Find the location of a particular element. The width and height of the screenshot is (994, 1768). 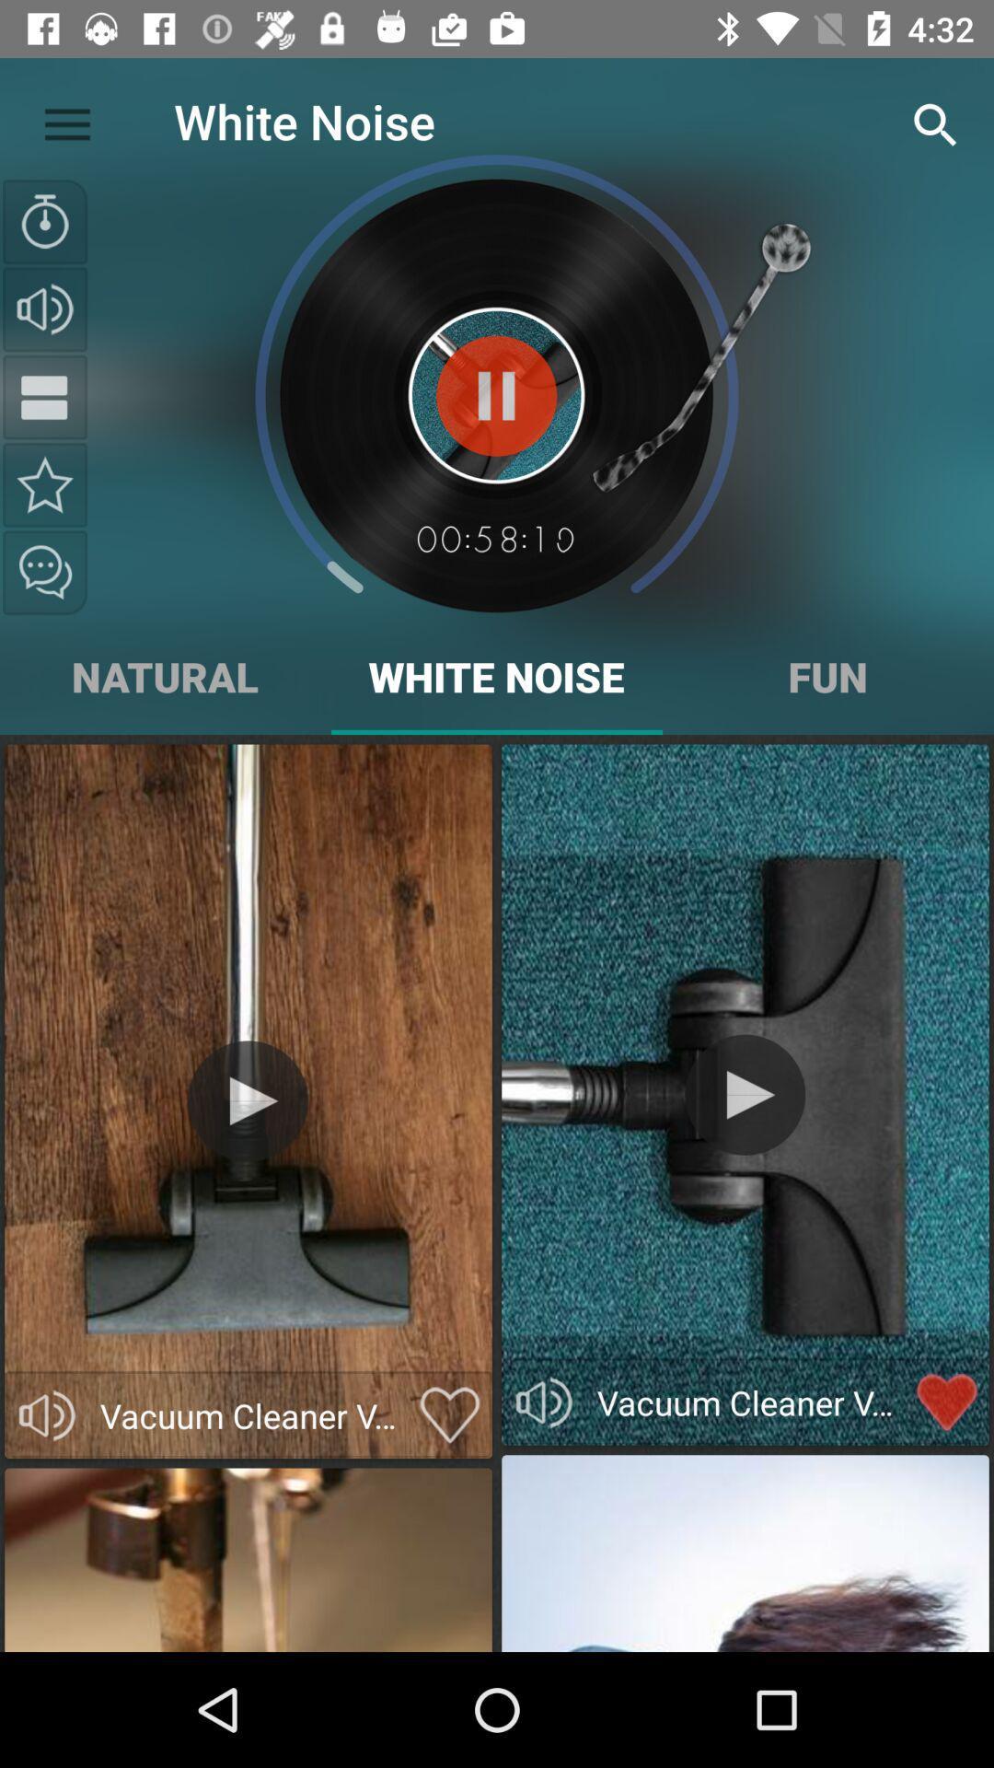

share the sound is located at coordinates (44, 572).